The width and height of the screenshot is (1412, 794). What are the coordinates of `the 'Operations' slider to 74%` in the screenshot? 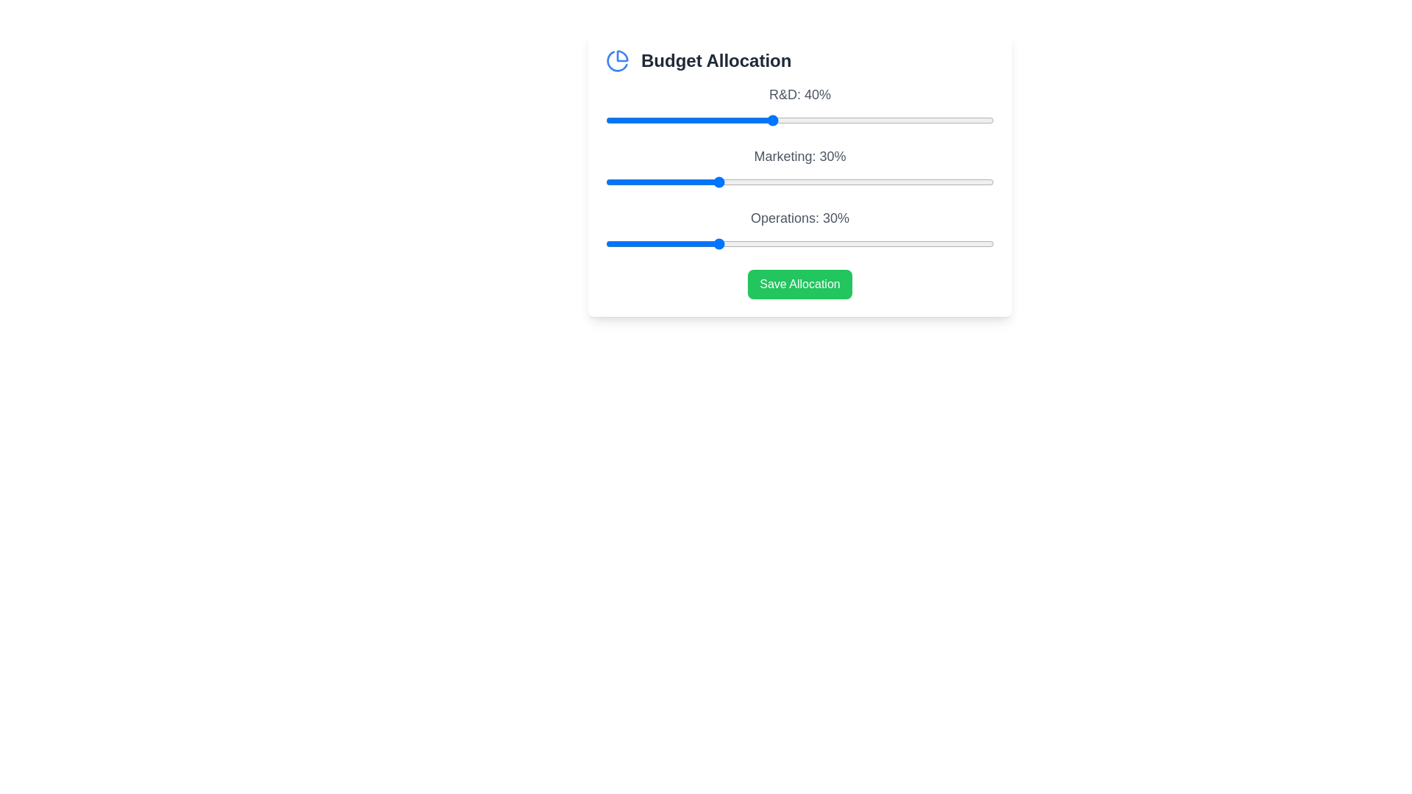 It's located at (960, 243).